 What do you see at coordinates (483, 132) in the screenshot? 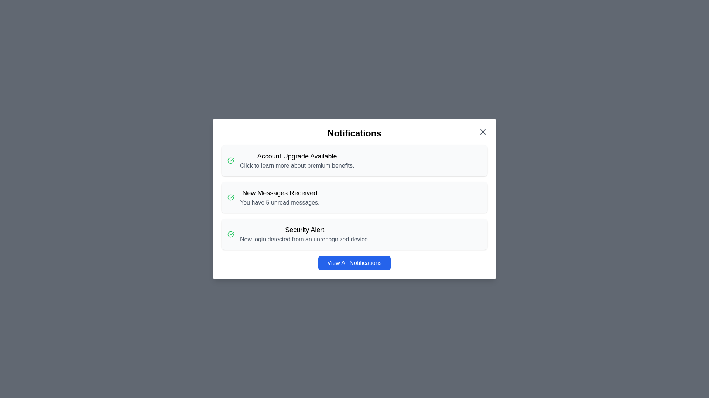
I see `the close button located at the top right corner of the notifications panel` at bounding box center [483, 132].